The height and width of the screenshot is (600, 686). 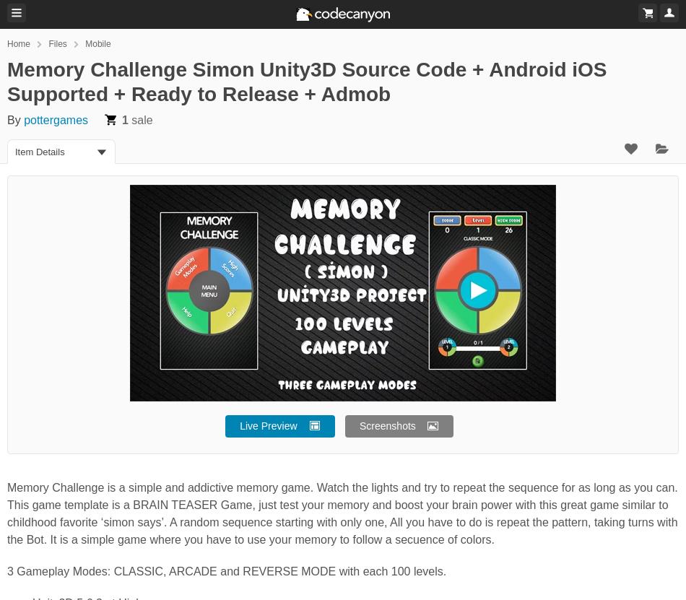 I want to click on 'pottergames', so click(x=56, y=119).